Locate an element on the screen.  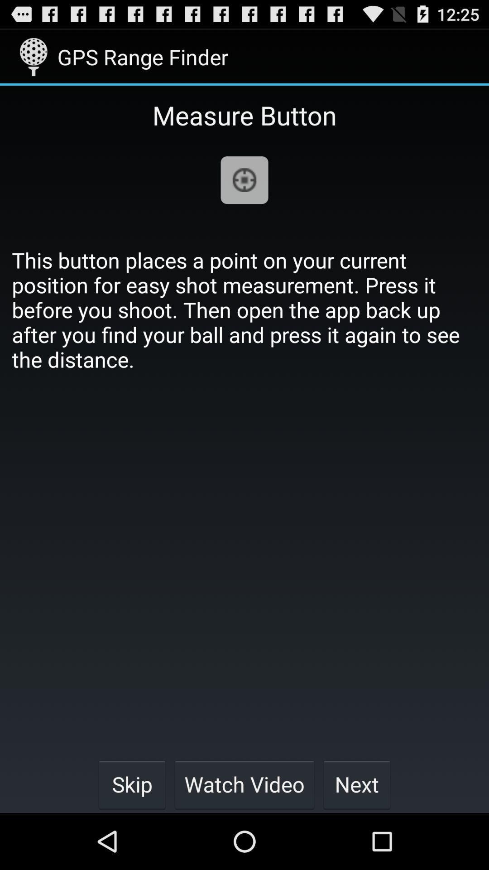
the item to the left of next icon is located at coordinates (244, 784).